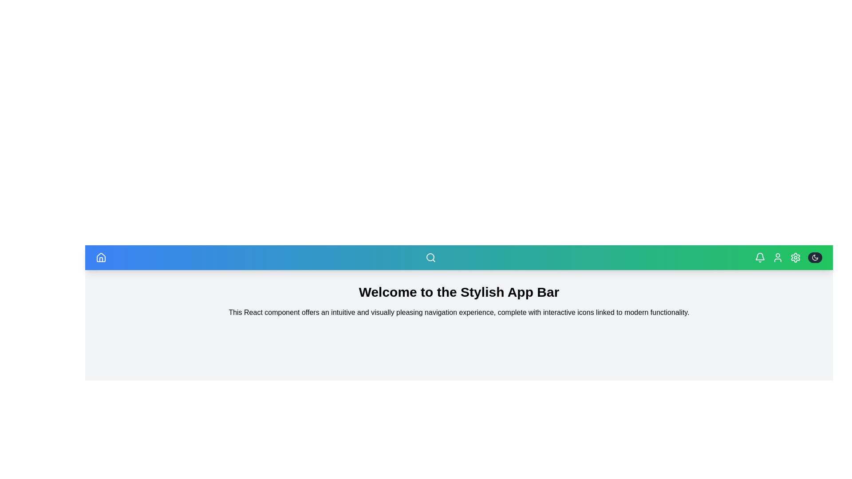 The width and height of the screenshot is (852, 479). I want to click on the settings icon to access the settings menu, so click(796, 258).